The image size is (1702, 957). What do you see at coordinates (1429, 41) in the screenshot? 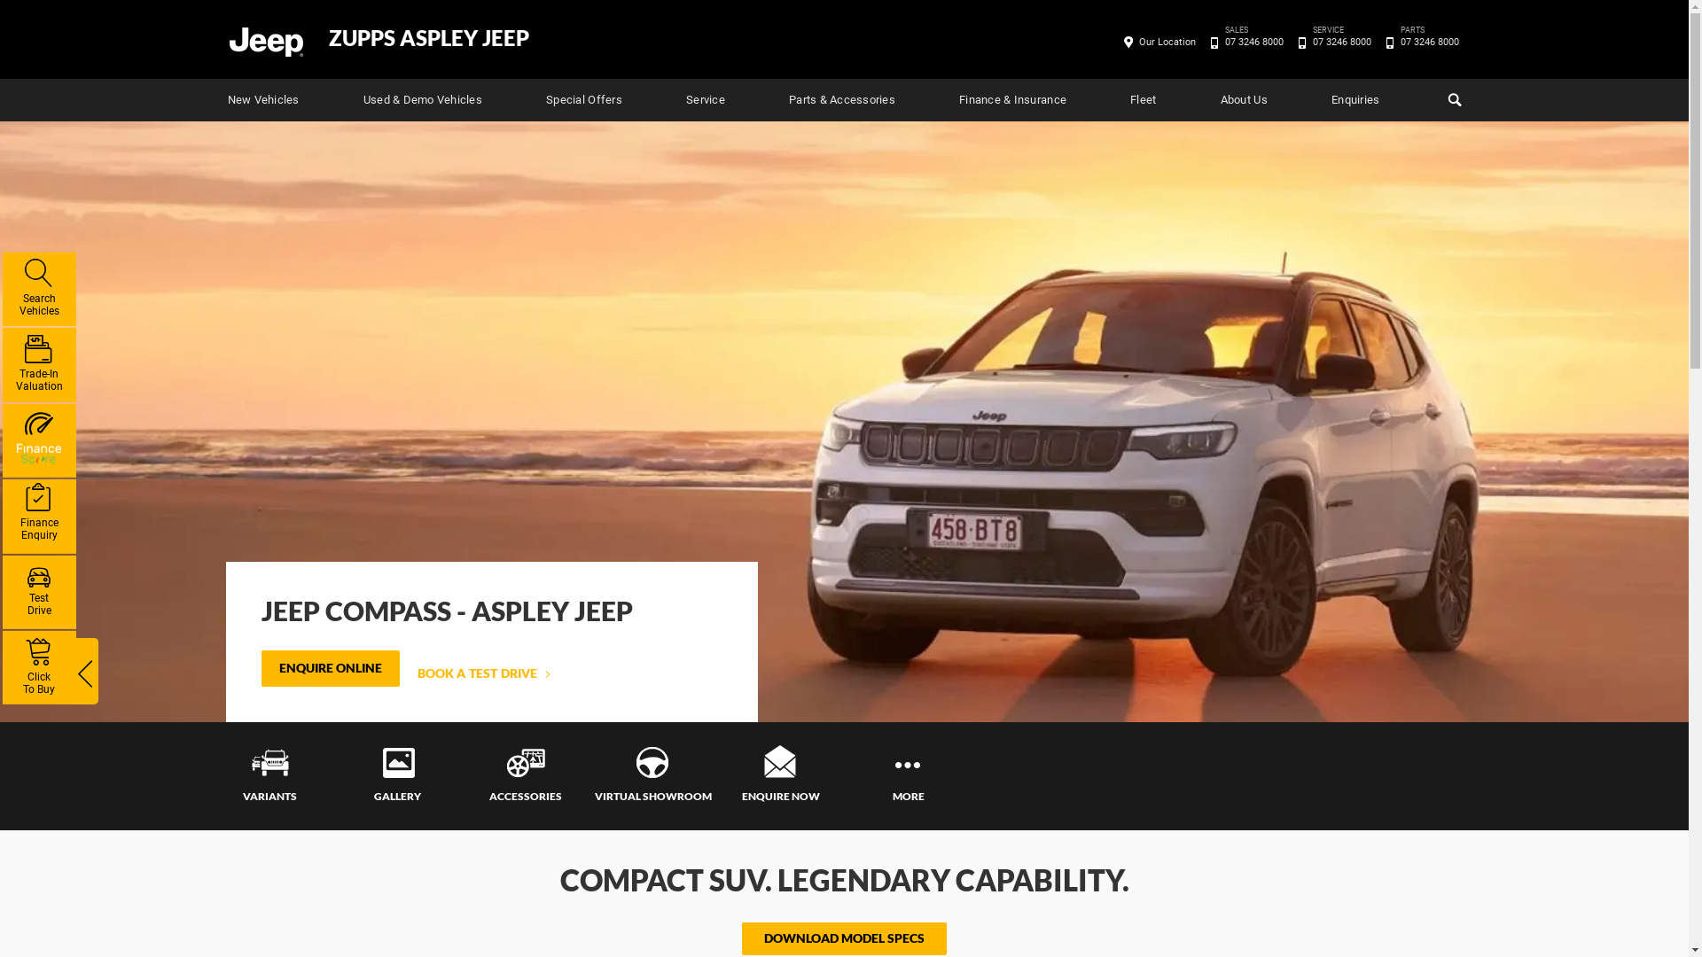
I see `'PARTS` at bounding box center [1429, 41].